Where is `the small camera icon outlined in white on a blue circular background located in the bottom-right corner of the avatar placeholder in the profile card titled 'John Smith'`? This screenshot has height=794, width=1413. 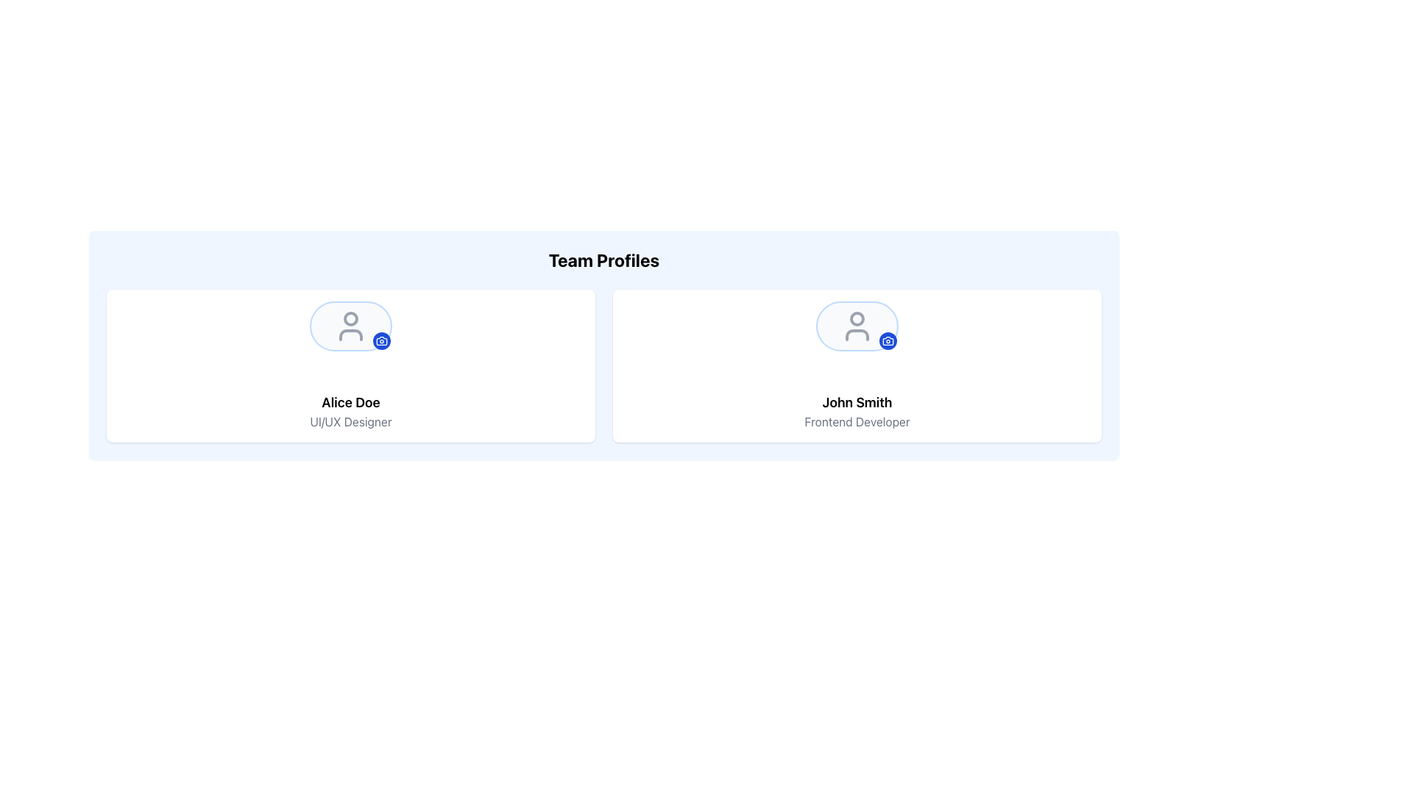
the small camera icon outlined in white on a blue circular background located in the bottom-right corner of the avatar placeholder in the profile card titled 'John Smith' is located at coordinates (887, 340).